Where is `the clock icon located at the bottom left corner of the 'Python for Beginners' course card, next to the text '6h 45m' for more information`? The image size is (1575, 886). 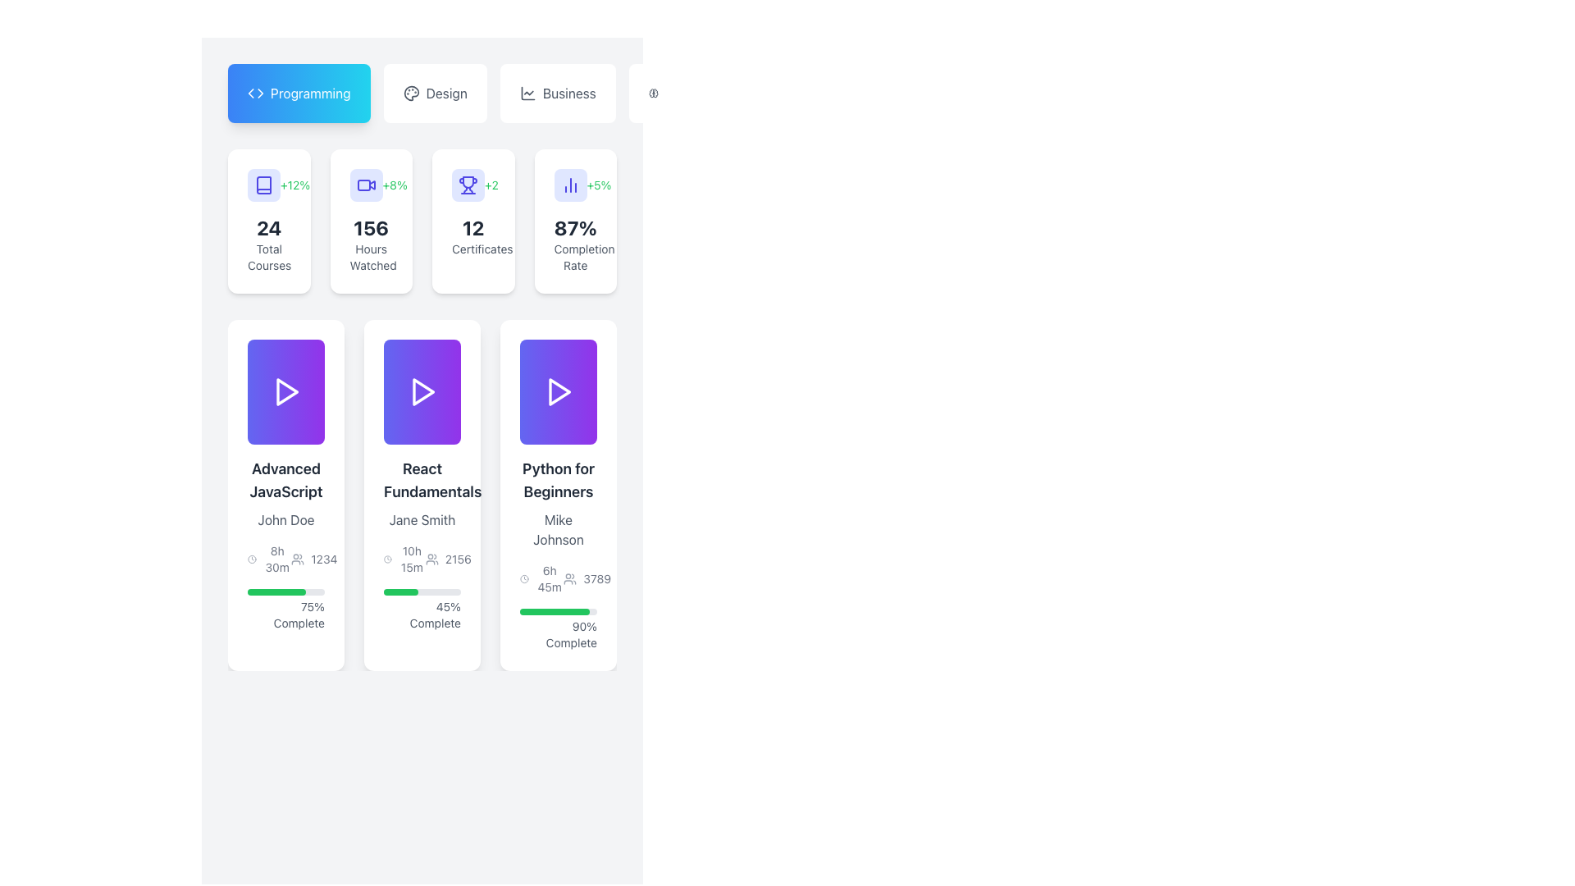 the clock icon located at the bottom left corner of the 'Python for Beginners' course card, next to the text '6h 45m' for more information is located at coordinates (523, 578).